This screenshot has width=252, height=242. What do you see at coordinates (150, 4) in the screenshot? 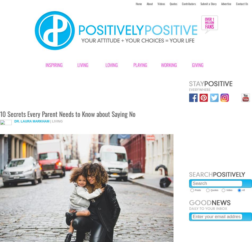
I see `'About'` at bounding box center [150, 4].